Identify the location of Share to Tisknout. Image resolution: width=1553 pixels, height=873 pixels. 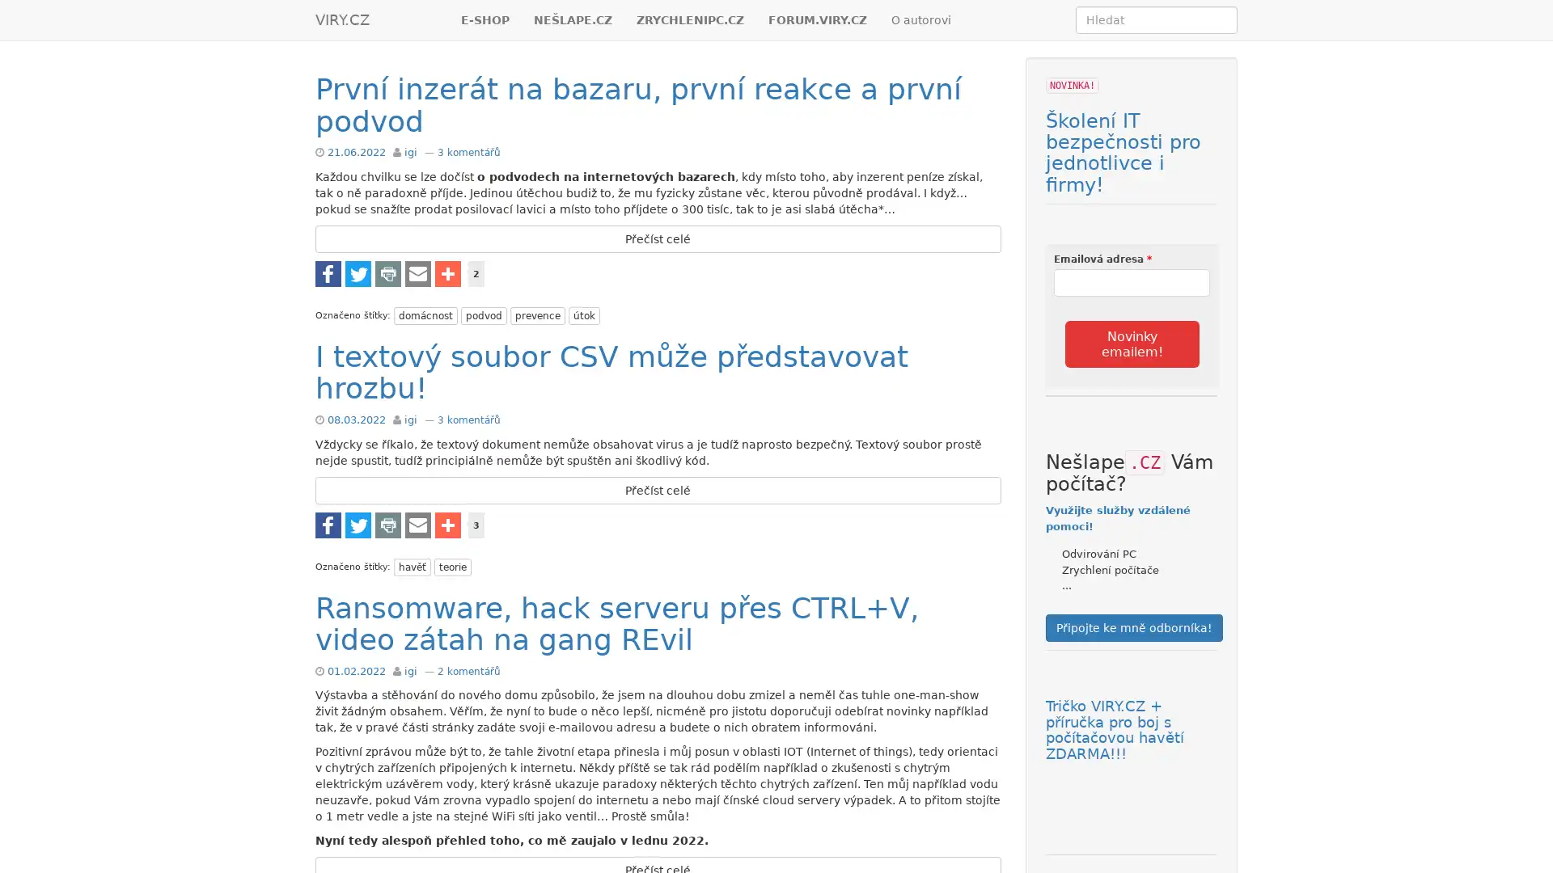
(388, 272).